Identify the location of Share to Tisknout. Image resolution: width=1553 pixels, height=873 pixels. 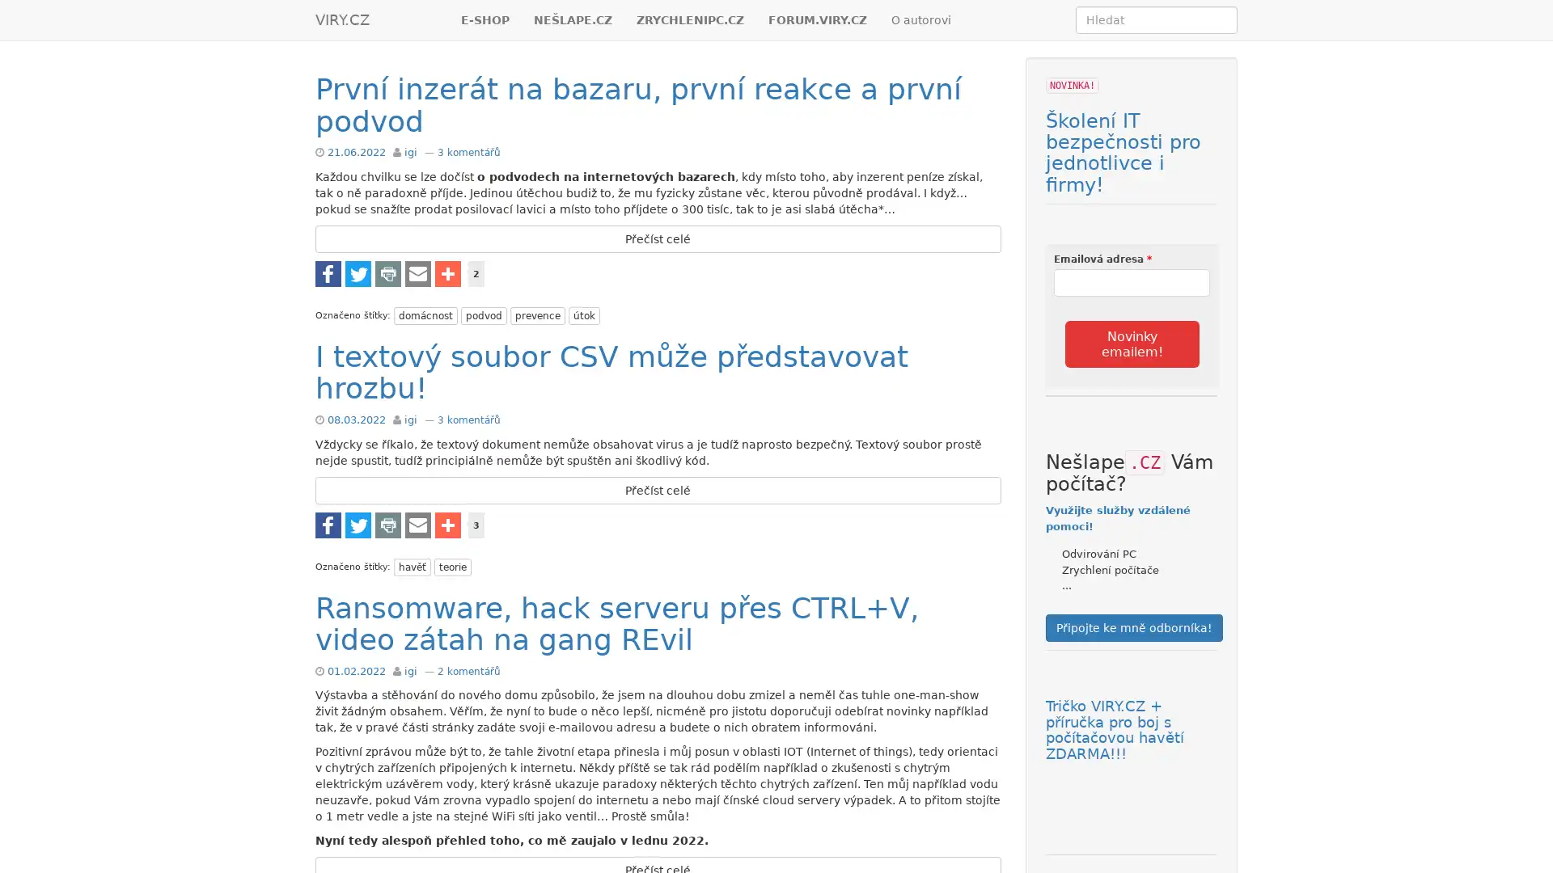
(388, 272).